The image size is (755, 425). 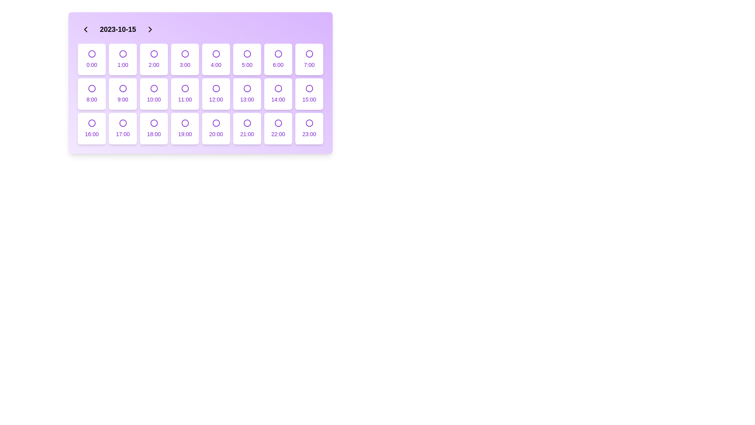 I want to click on the circular SVG element located in the third row and fourth column of the grid layout, so click(x=278, y=88).